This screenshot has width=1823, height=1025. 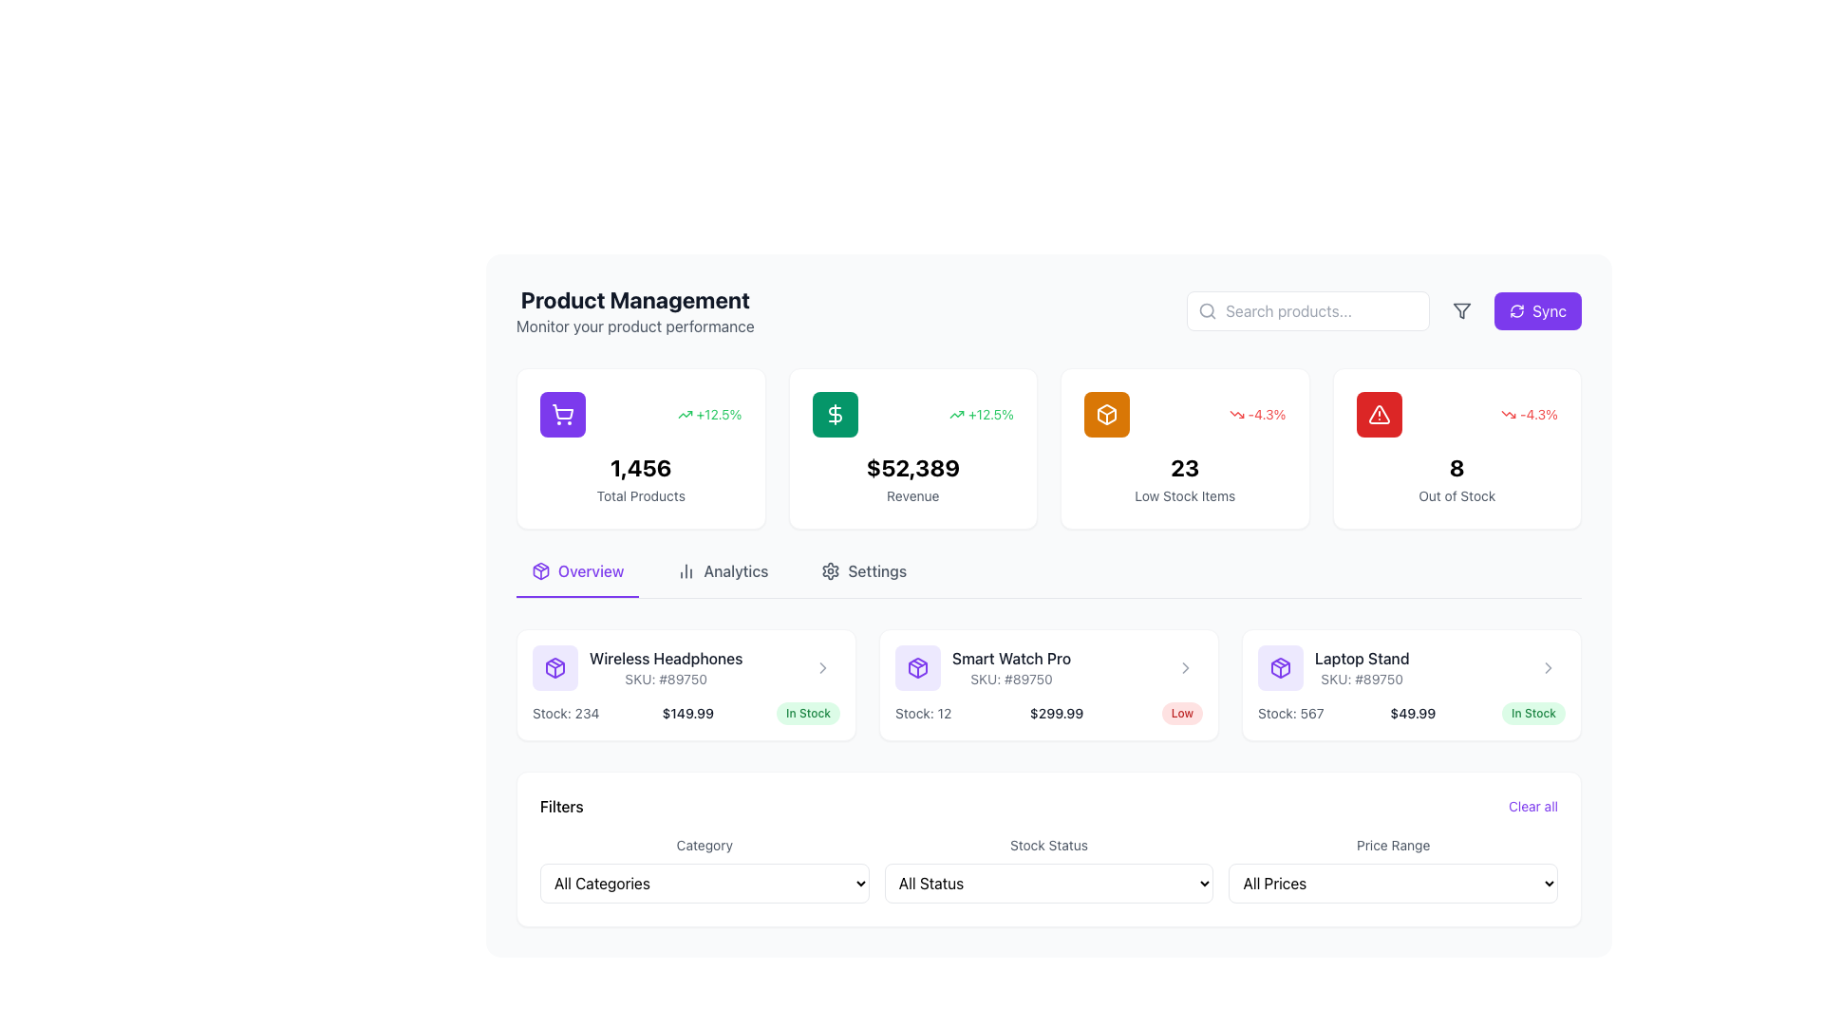 I want to click on displayed value of the text element showing '$52,389', which is positioned slightly right of center and above the 'Revenue' label, so click(x=912, y=468).